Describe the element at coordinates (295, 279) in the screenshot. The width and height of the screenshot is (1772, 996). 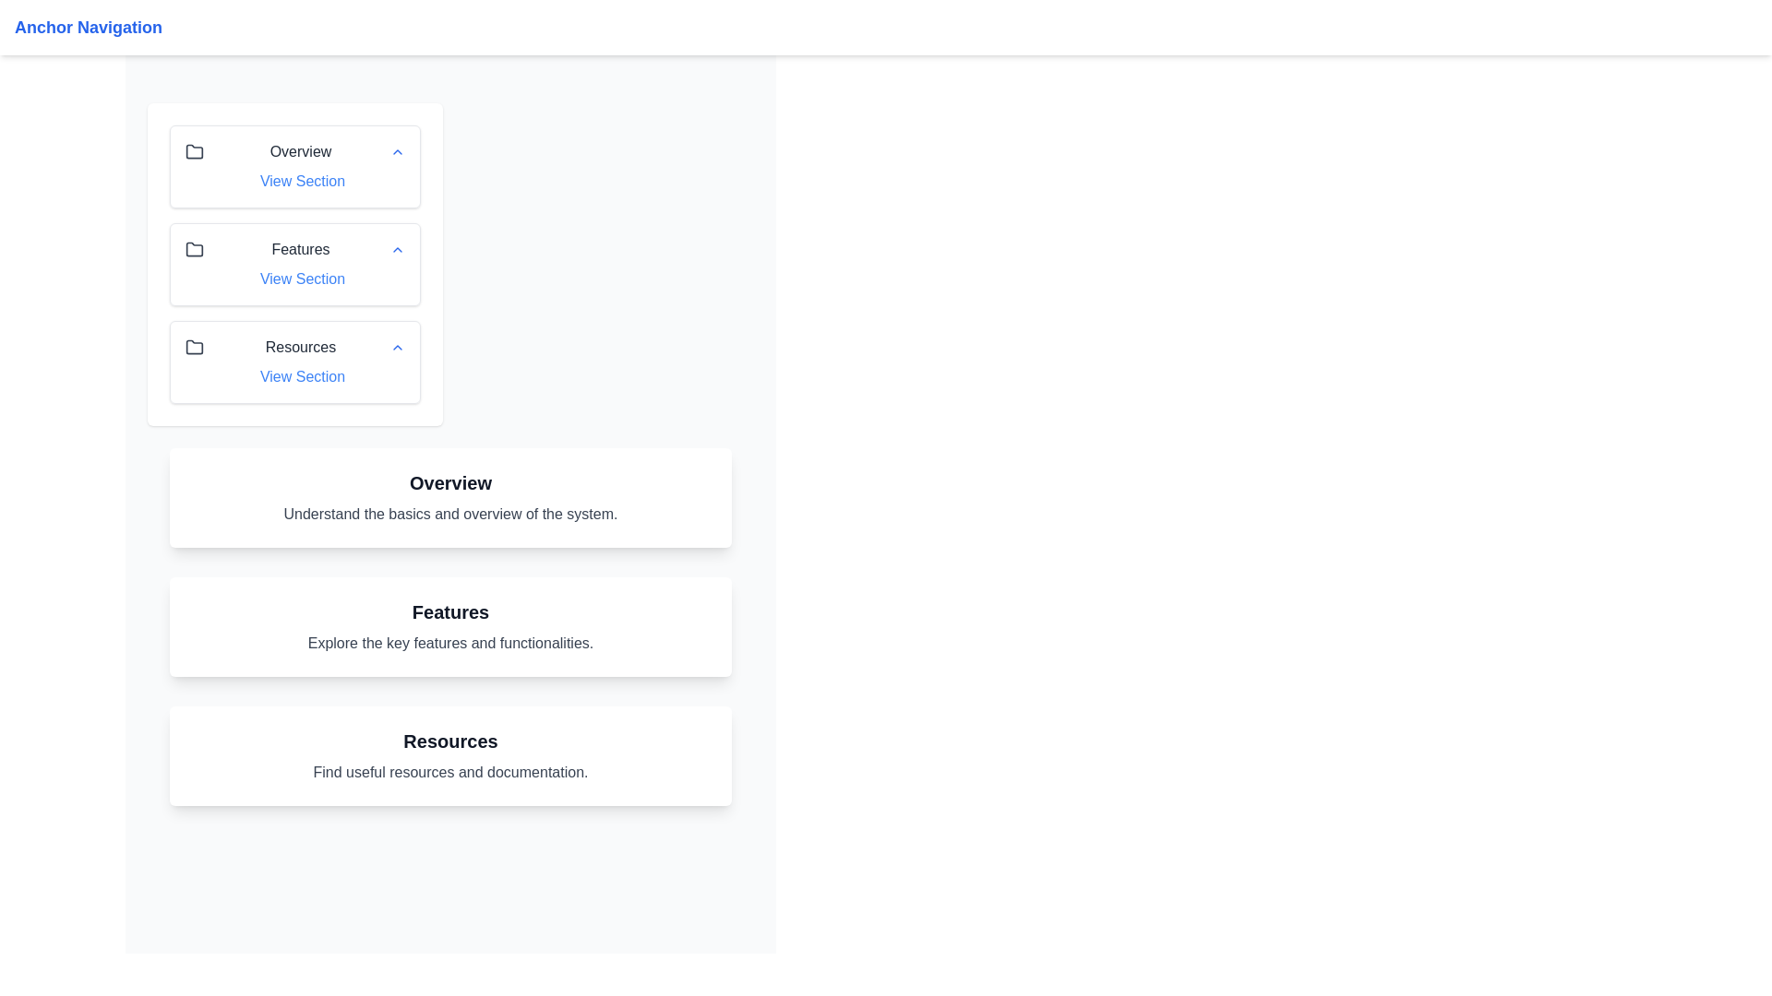
I see `the hyperlink labeled 'View Section' located in the 'Features' section` at that location.